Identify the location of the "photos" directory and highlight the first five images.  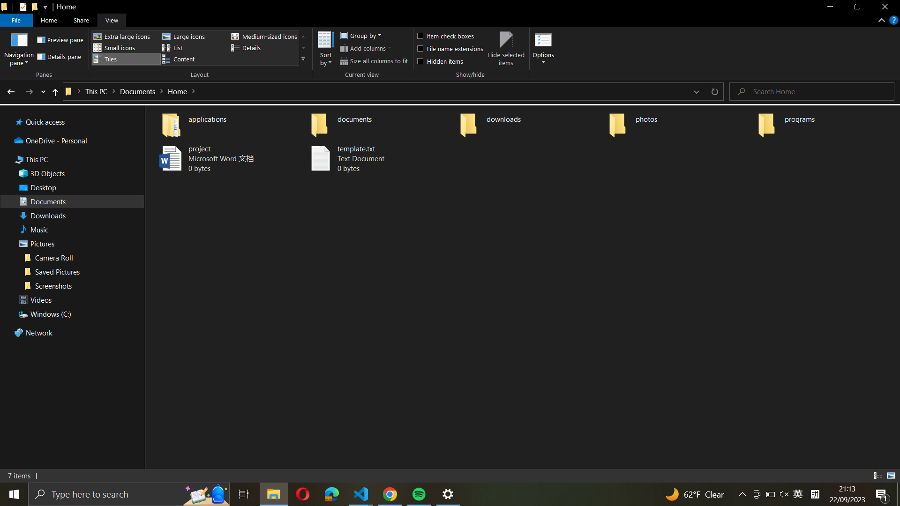
(679, 122).